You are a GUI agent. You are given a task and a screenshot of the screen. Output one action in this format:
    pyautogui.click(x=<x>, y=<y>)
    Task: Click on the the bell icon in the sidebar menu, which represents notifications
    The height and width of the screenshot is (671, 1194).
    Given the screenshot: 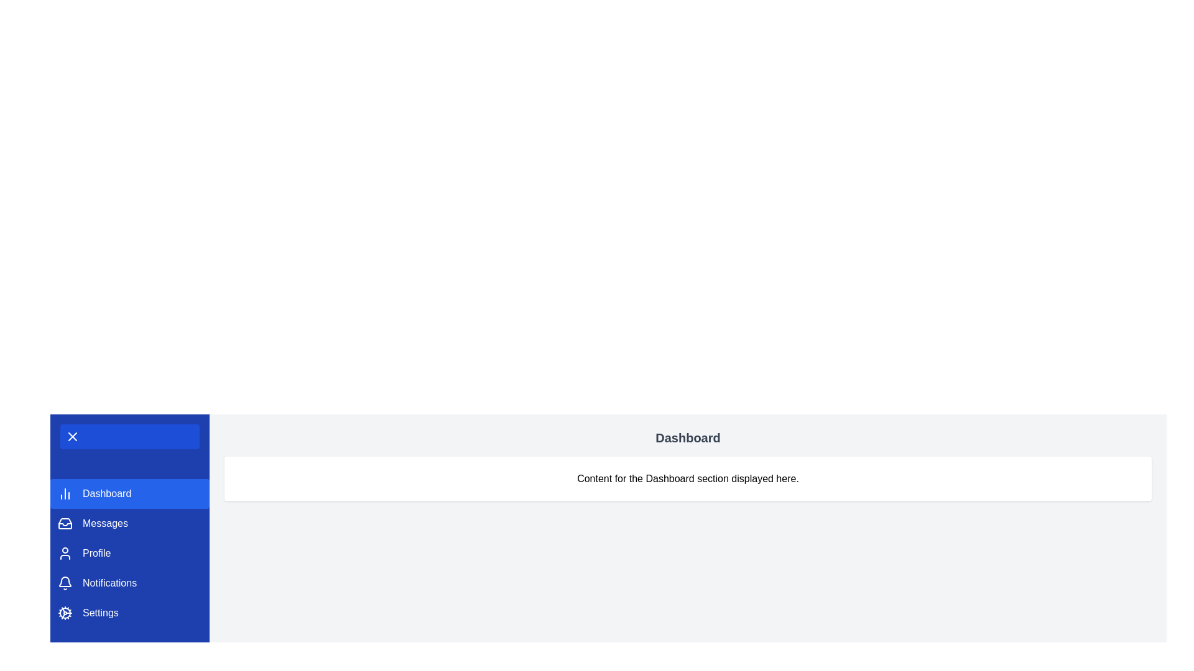 What is the action you would take?
    pyautogui.click(x=65, y=582)
    